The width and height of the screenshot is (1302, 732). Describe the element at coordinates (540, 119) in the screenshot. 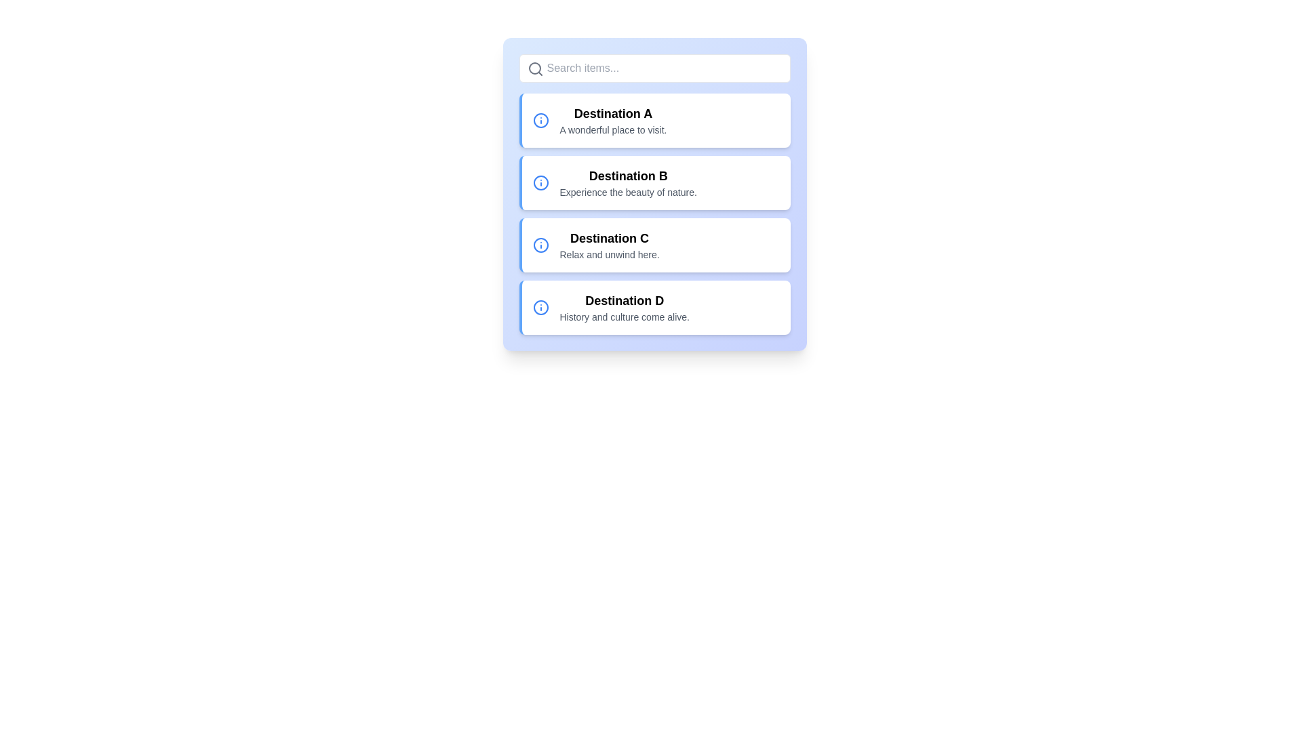

I see `the information/help icon located to the left of the 'Destination A' title, which provides additional details related to it` at that location.